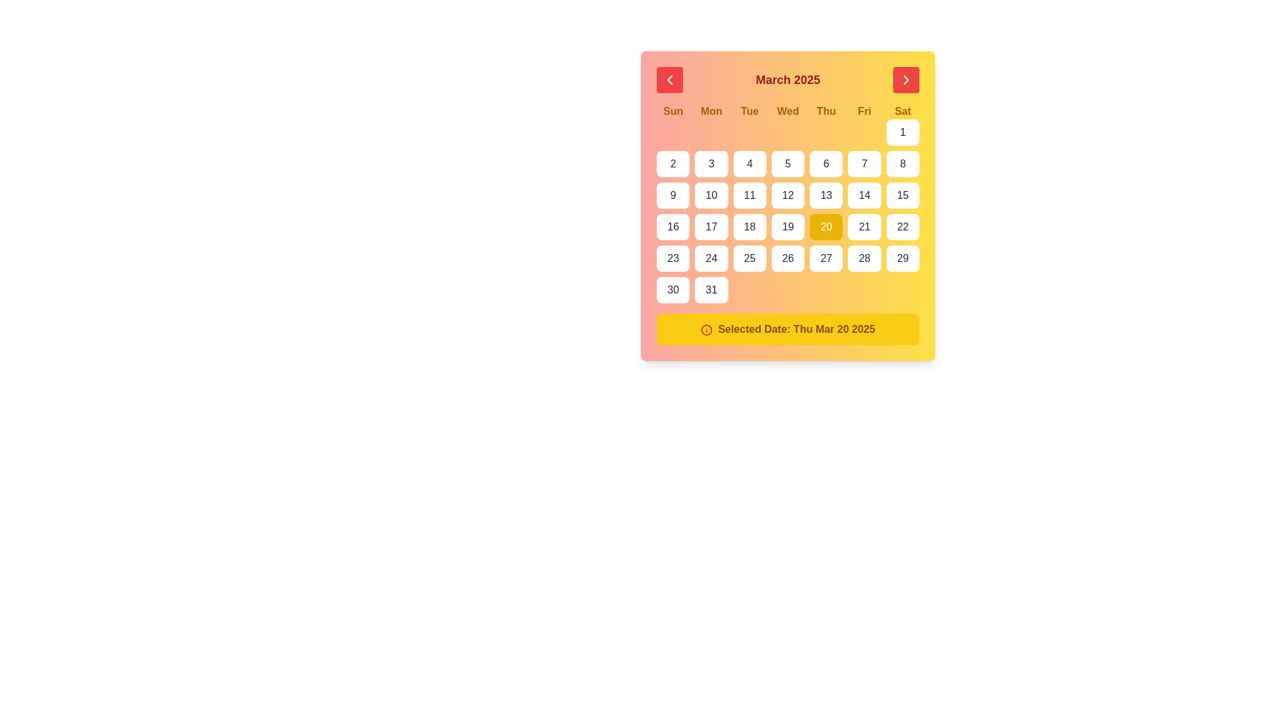 The width and height of the screenshot is (1261, 709). What do you see at coordinates (825, 163) in the screenshot?
I see `the button representing the sixth day of March 2025 in the calendar` at bounding box center [825, 163].